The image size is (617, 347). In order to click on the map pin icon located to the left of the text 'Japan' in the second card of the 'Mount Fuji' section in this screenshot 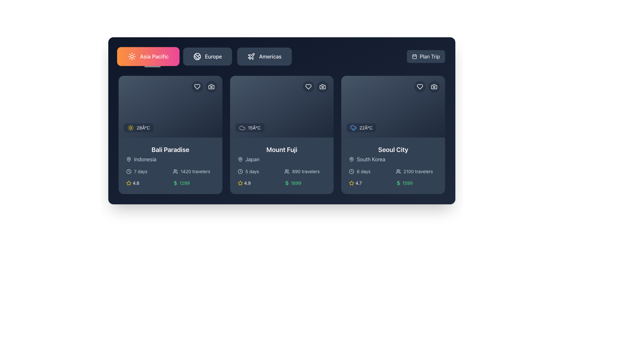, I will do `click(240, 159)`.